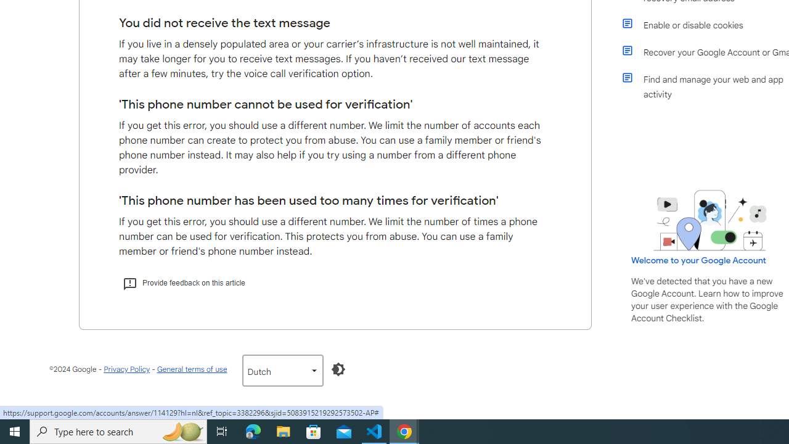  Describe the element at coordinates (338, 369) in the screenshot. I see `'Enable dark mode'` at that location.